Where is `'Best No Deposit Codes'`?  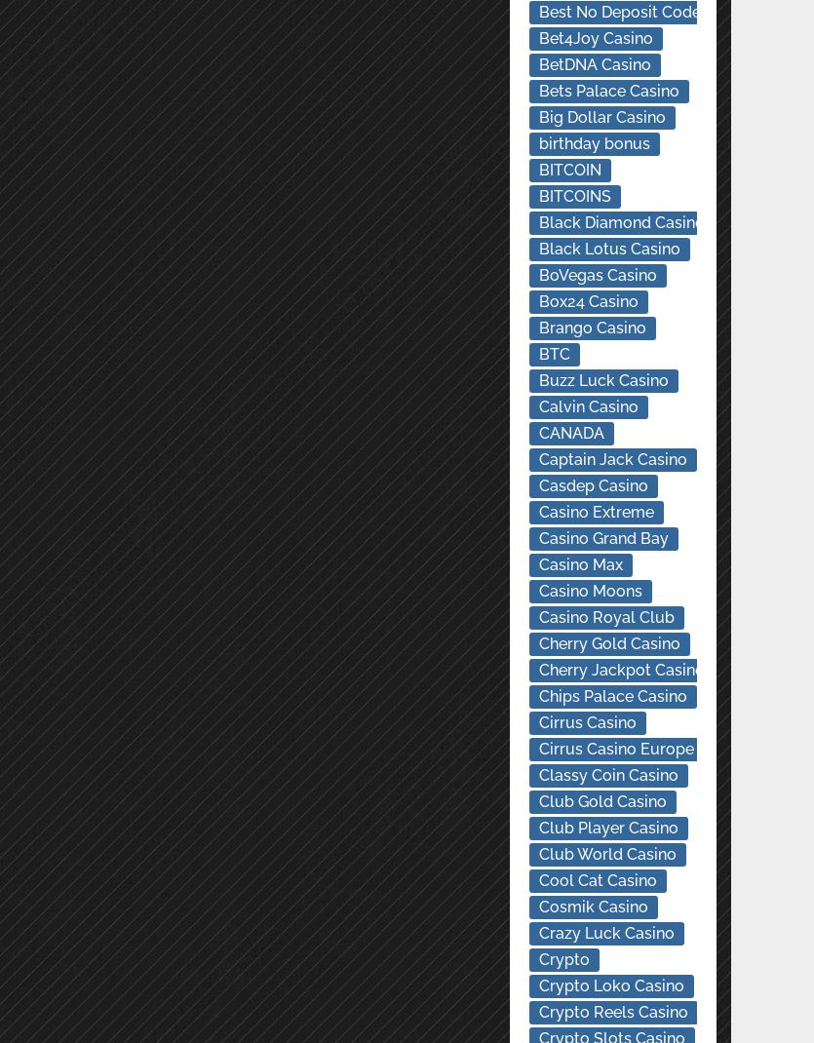
'Best No Deposit Codes' is located at coordinates (622, 11).